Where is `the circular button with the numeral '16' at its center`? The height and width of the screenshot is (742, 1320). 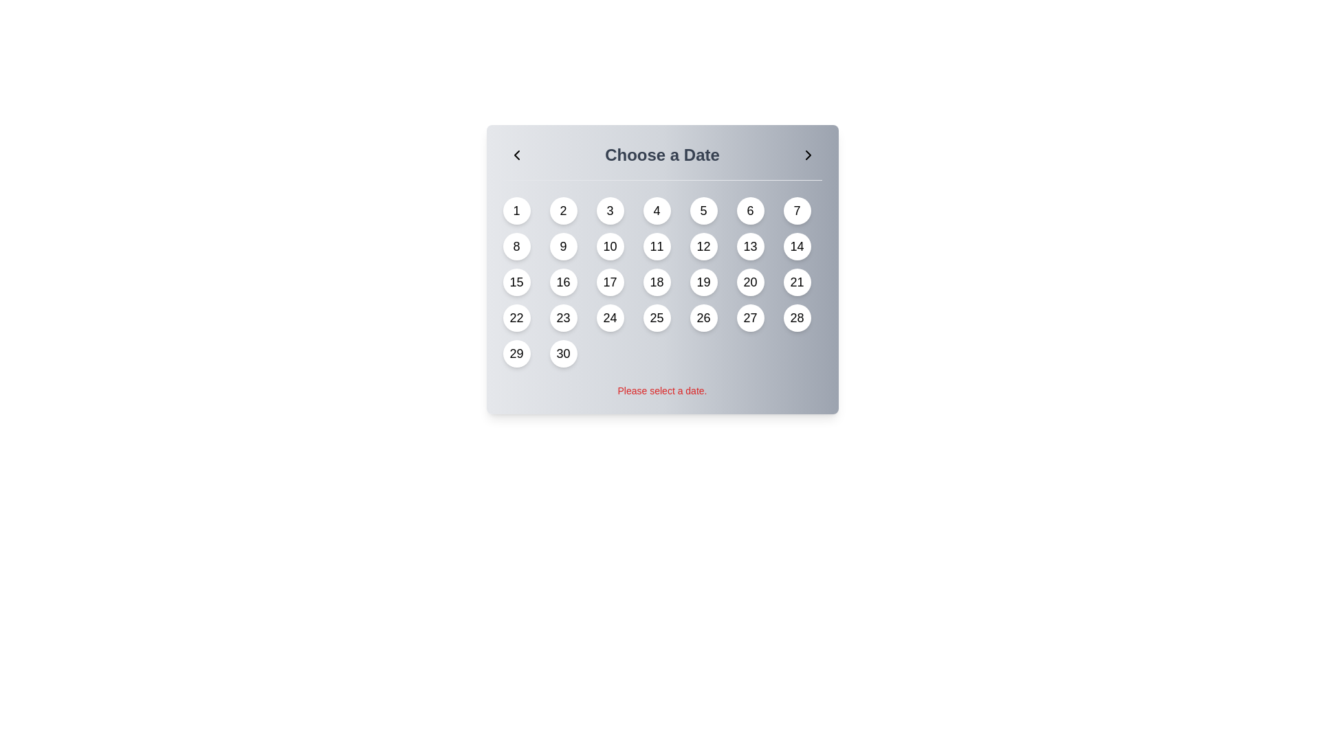 the circular button with the numeral '16' at its center is located at coordinates (563, 282).